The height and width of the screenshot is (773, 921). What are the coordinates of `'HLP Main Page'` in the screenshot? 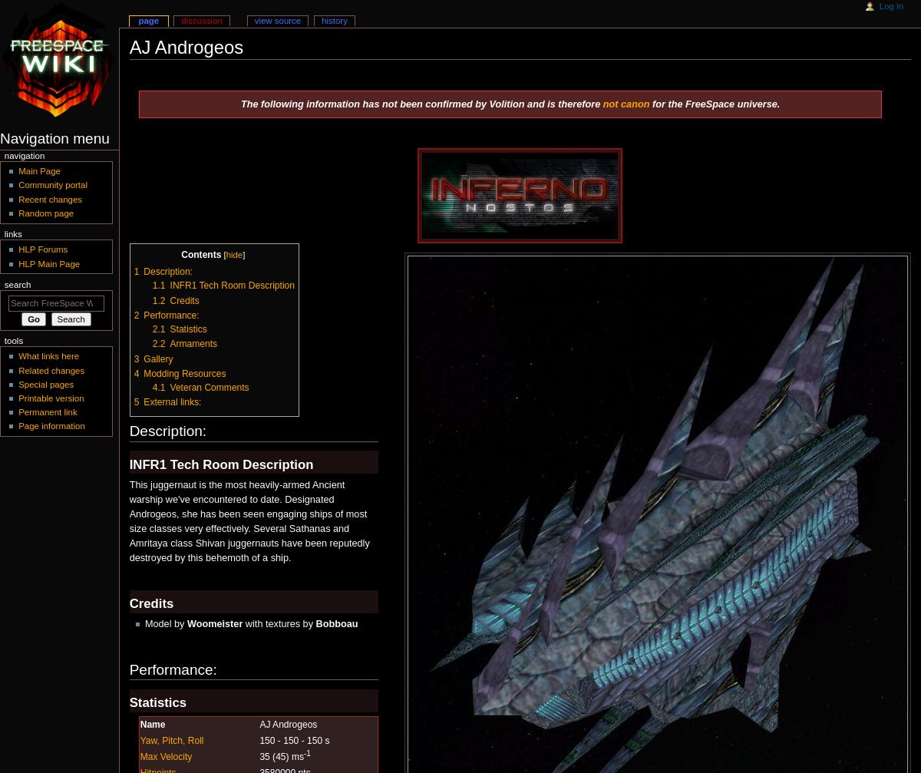 It's located at (48, 263).